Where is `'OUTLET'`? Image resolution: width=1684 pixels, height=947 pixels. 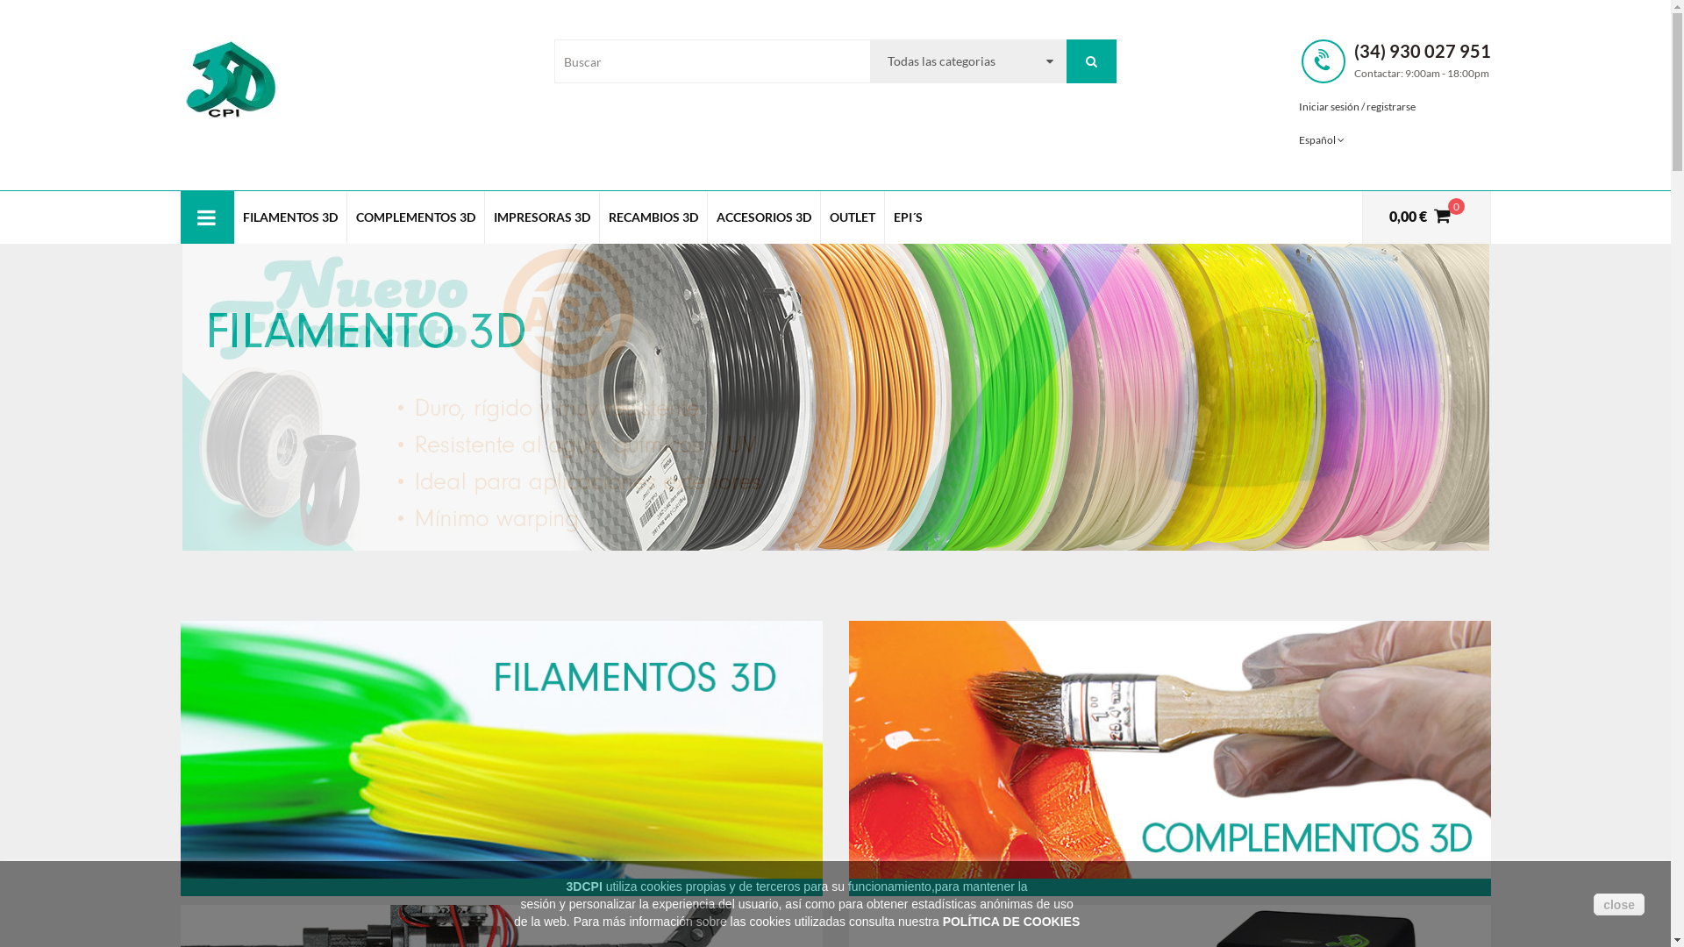 'OUTLET' is located at coordinates (852, 216).